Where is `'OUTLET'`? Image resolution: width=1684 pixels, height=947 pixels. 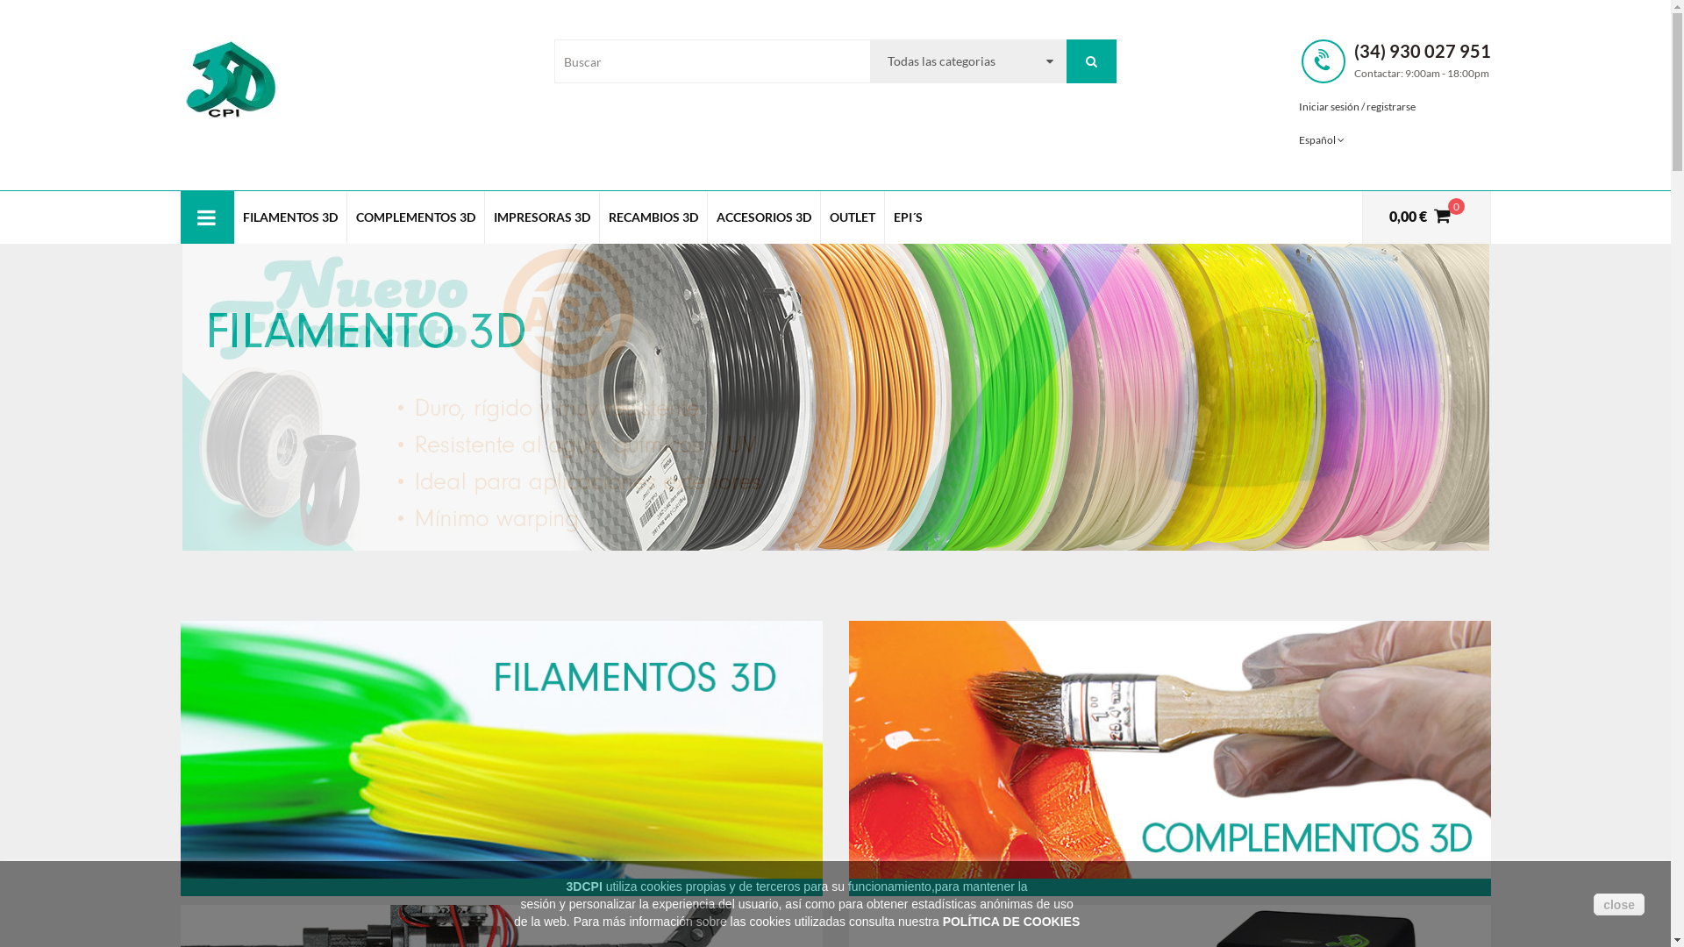 'OUTLET' is located at coordinates (852, 216).